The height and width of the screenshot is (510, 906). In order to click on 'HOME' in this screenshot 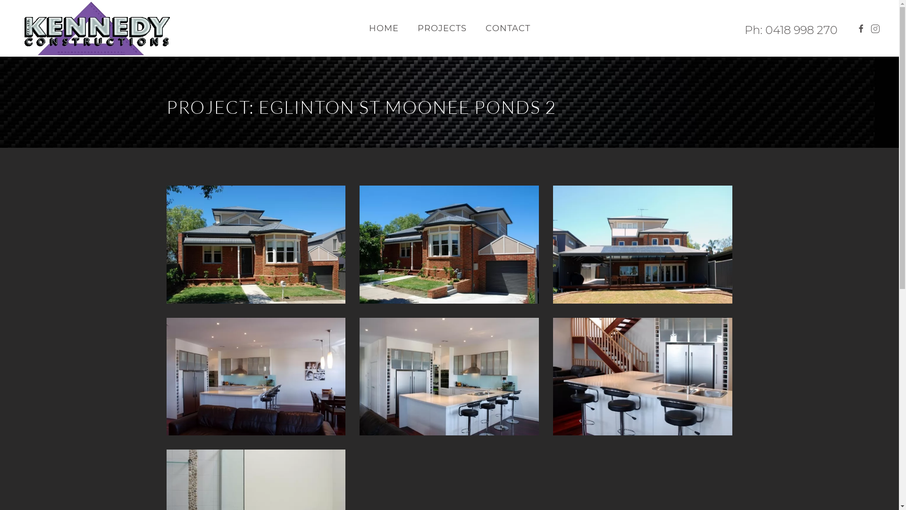, I will do `click(384, 28)`.